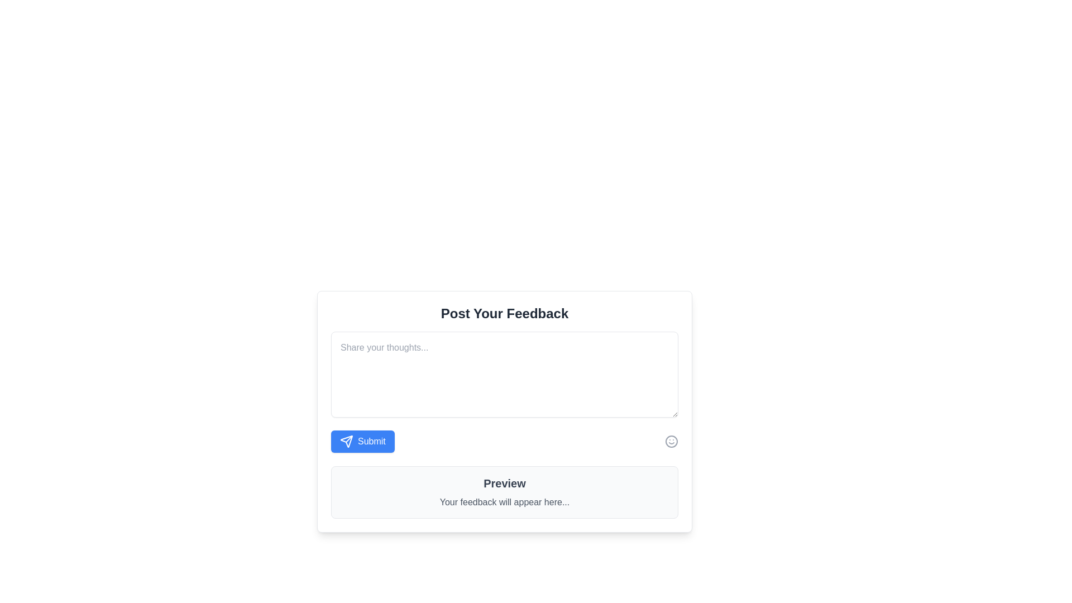 The height and width of the screenshot is (603, 1072). What do you see at coordinates (346, 441) in the screenshot?
I see `minimalistic SVG icon resembling a paper plane, which is located inside the 'Submit' button, positioned on the left side of the text` at bounding box center [346, 441].